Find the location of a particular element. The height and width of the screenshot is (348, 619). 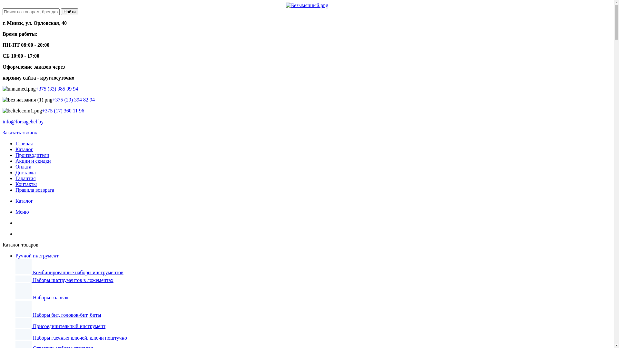

'+375 (33) 385 09 94' is located at coordinates (57, 89).